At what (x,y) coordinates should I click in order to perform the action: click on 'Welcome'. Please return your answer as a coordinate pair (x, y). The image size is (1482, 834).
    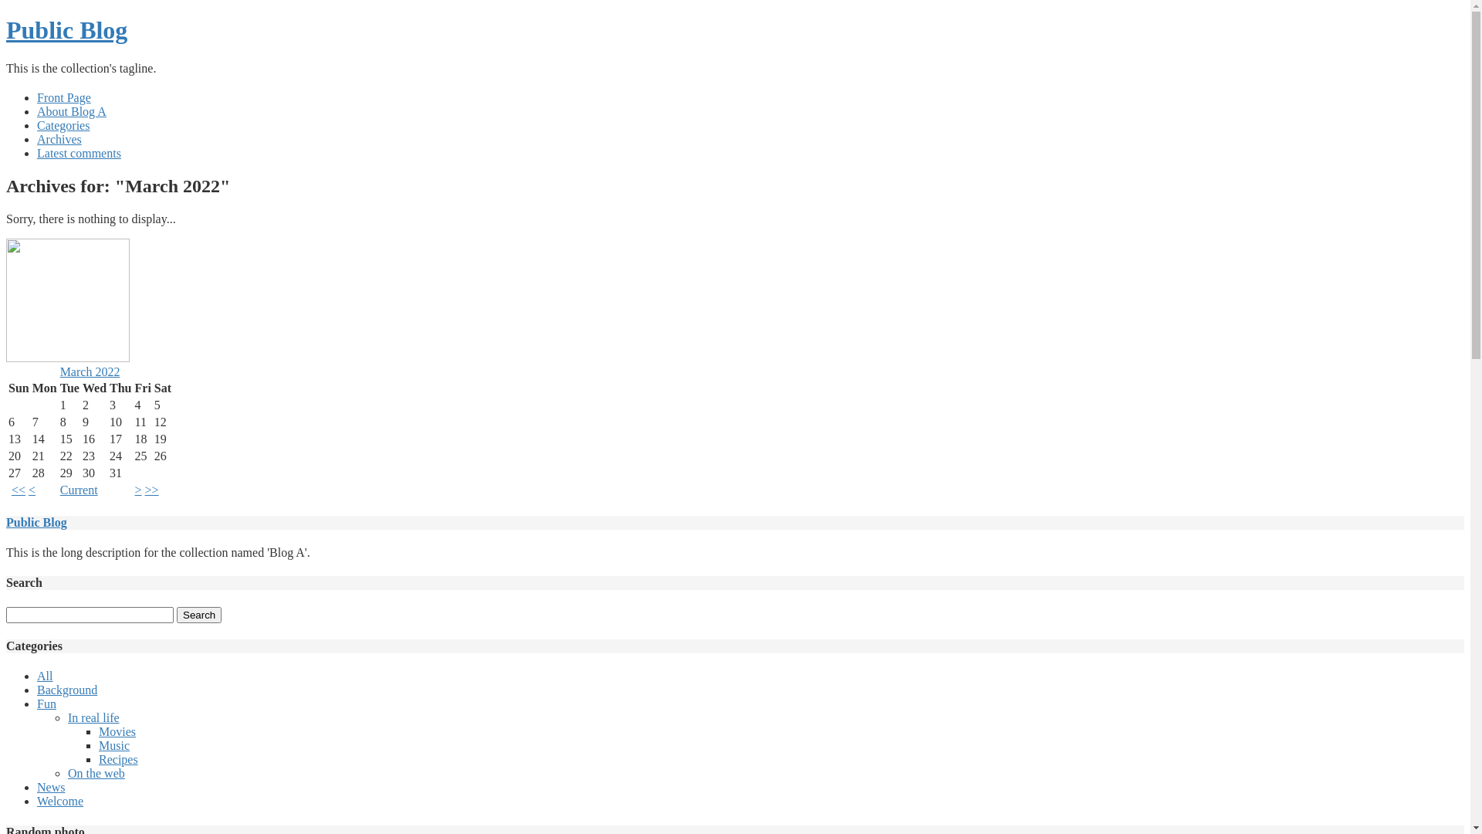
    Looking at the image, I should click on (59, 800).